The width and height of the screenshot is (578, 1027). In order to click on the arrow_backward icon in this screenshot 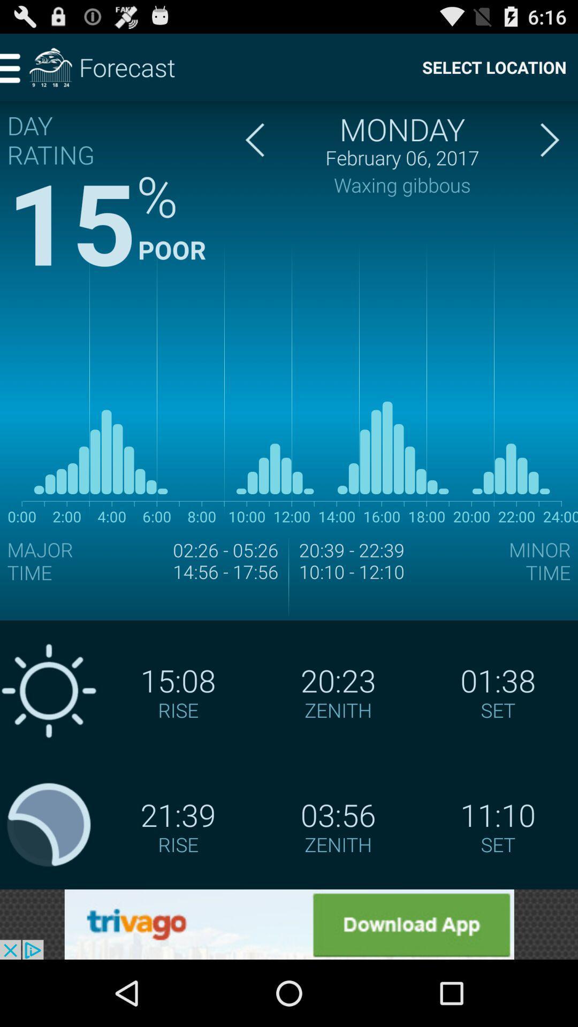, I will do `click(254, 149)`.